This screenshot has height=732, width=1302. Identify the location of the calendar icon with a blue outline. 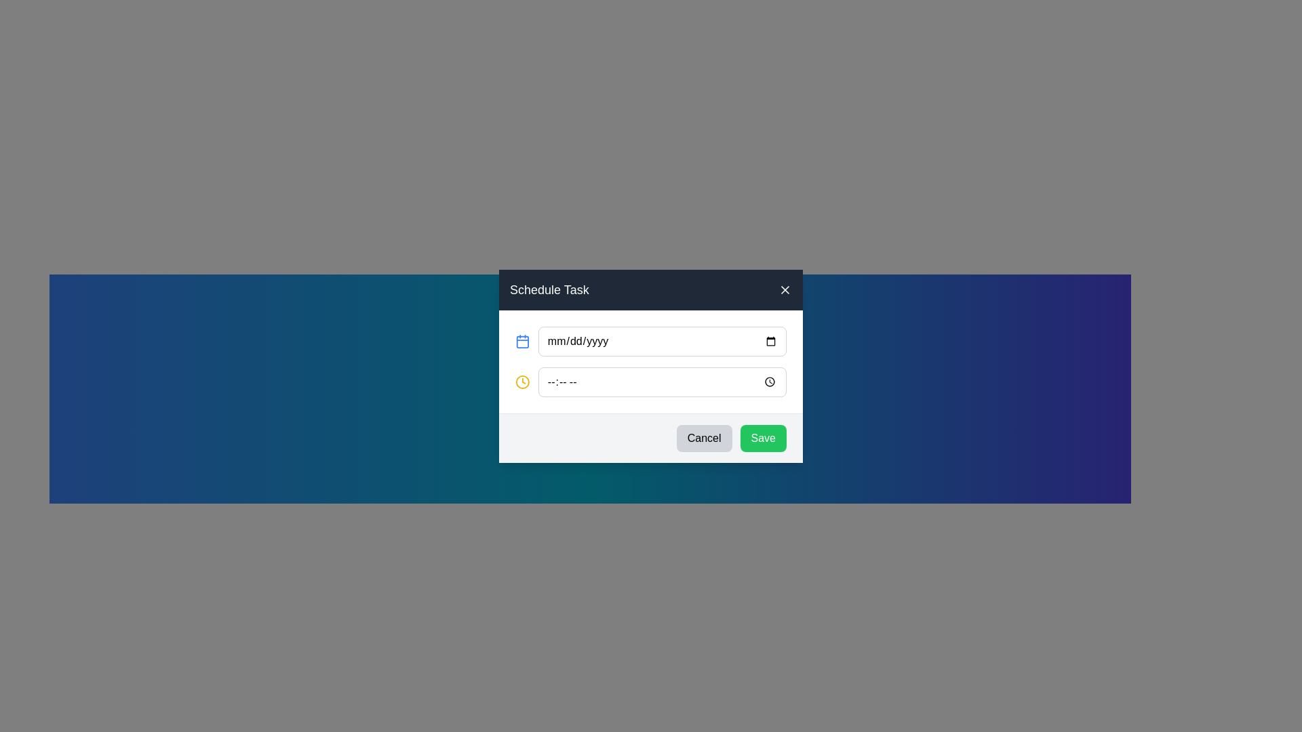
(521, 340).